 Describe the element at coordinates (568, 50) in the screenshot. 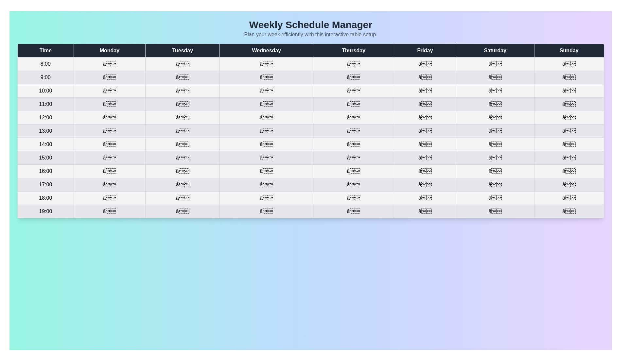

I see `the header cell labeled Sunday to sort by that column` at that location.